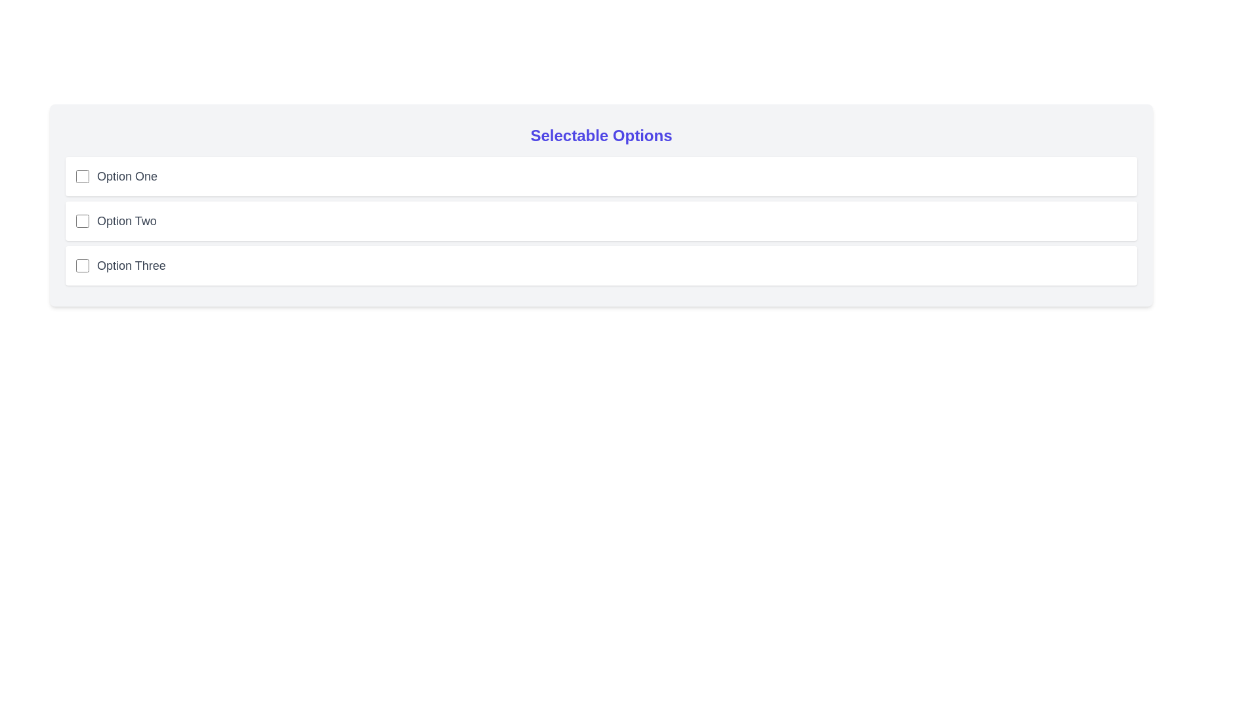 This screenshot has height=709, width=1260. Describe the element at coordinates (600, 220) in the screenshot. I see `the option Option Two to observe visual feedback` at that location.